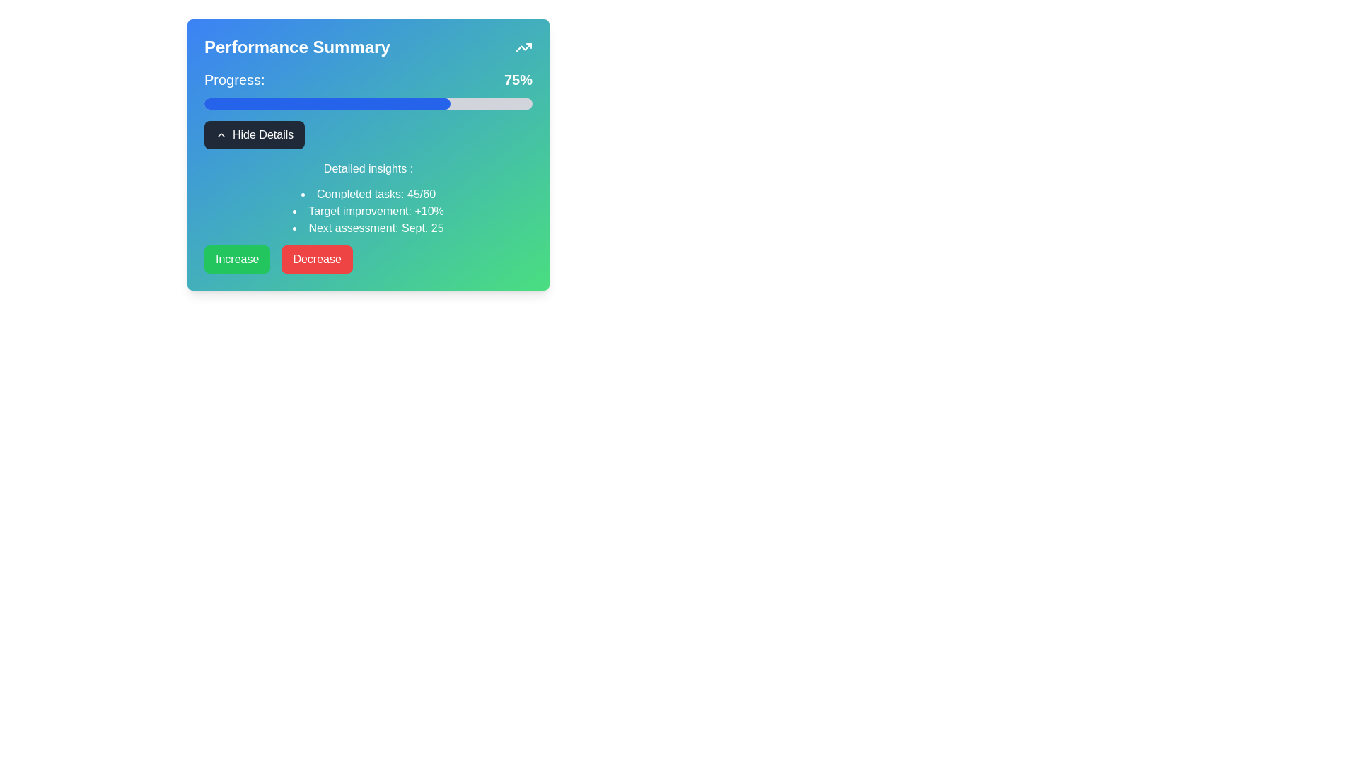  I want to click on the chevron icon within the 'Hide Details' button, so click(220, 135).